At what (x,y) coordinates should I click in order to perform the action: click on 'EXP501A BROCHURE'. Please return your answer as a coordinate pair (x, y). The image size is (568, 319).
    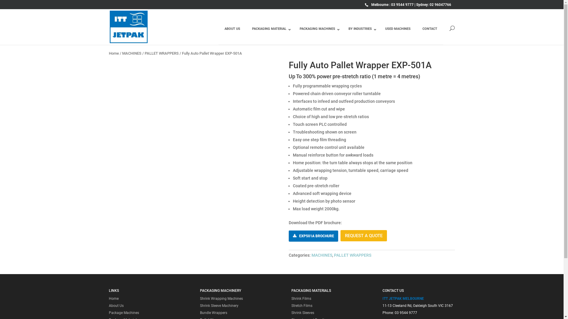
    Looking at the image, I should click on (313, 235).